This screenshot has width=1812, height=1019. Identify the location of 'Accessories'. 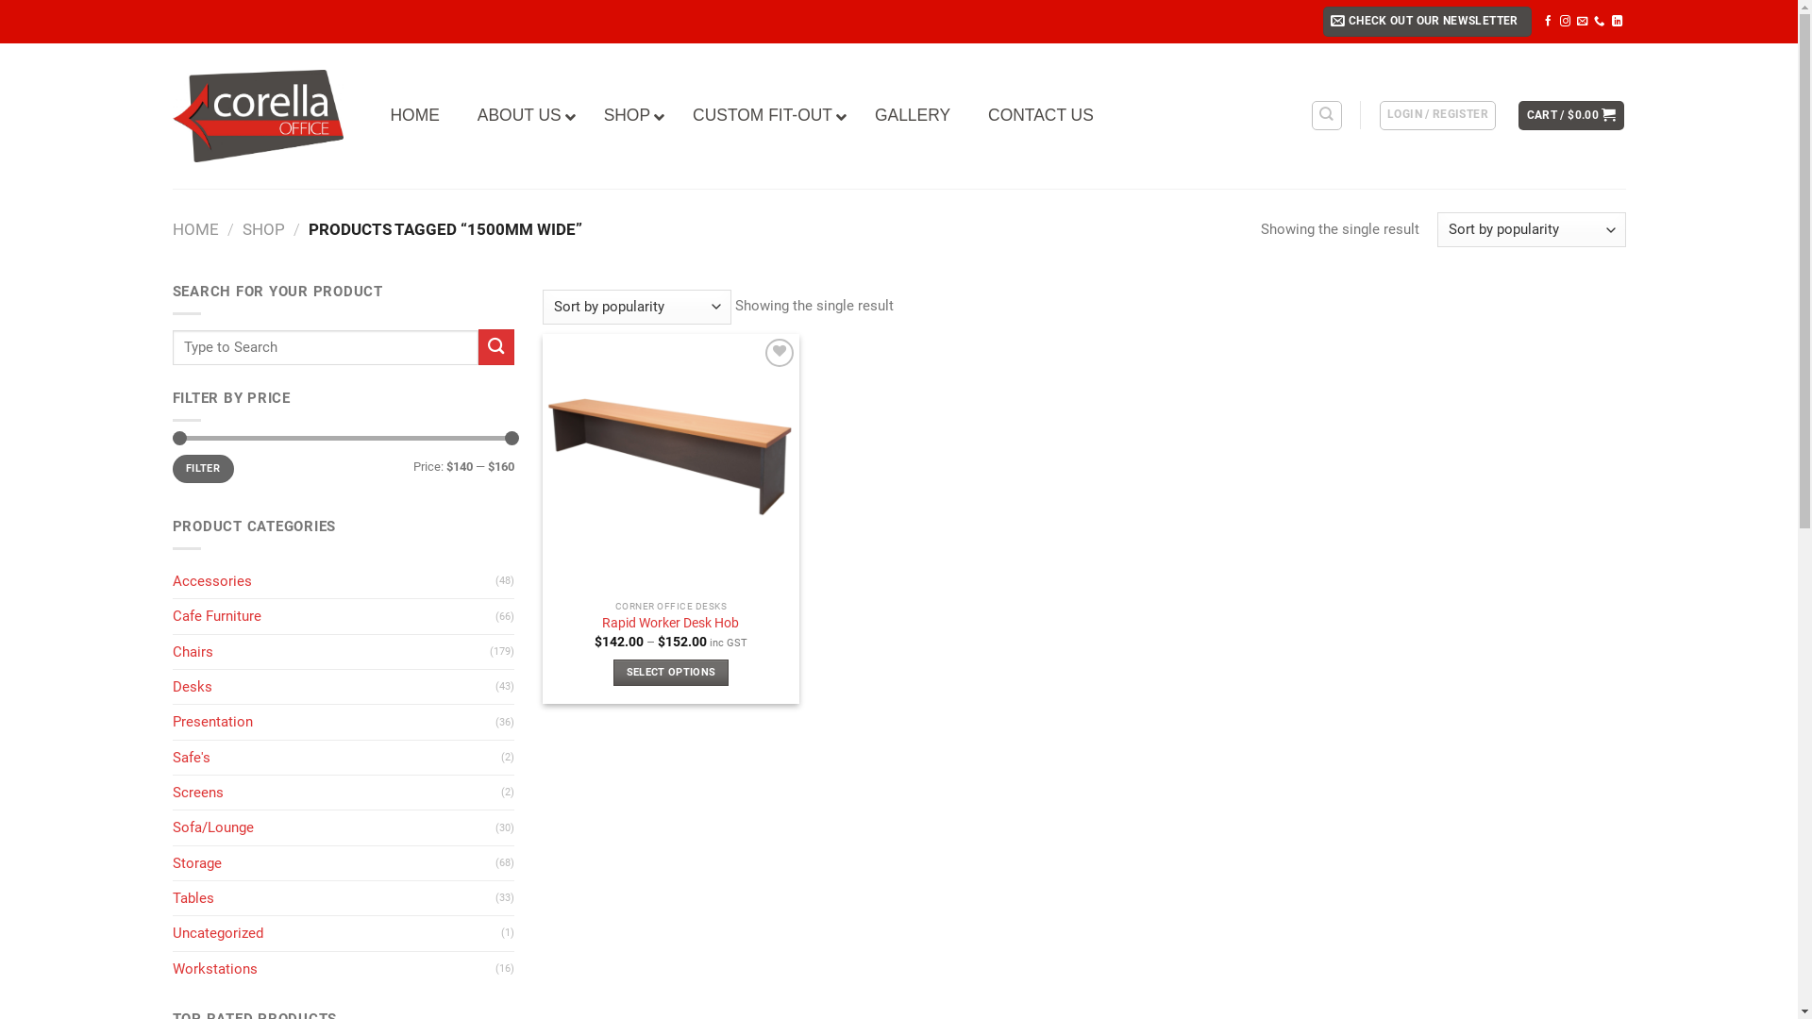
(172, 580).